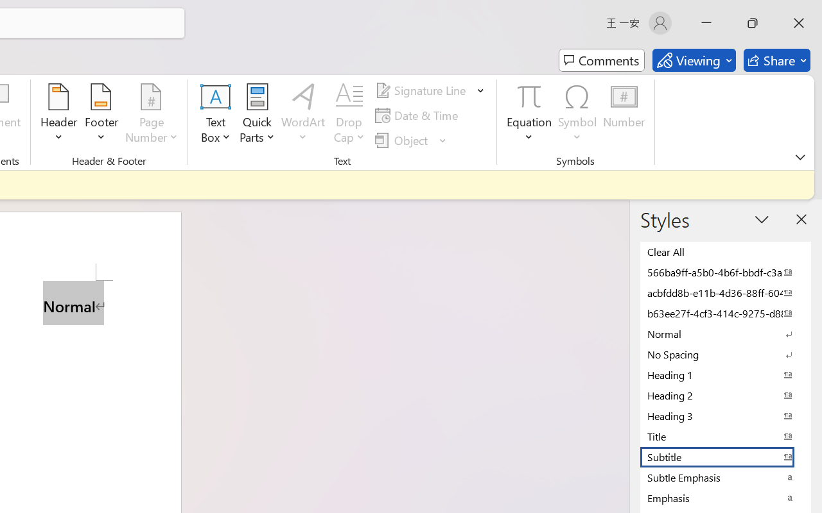 This screenshot has height=513, width=822. Describe the element at coordinates (152, 115) in the screenshot. I see `'Page Number'` at that location.